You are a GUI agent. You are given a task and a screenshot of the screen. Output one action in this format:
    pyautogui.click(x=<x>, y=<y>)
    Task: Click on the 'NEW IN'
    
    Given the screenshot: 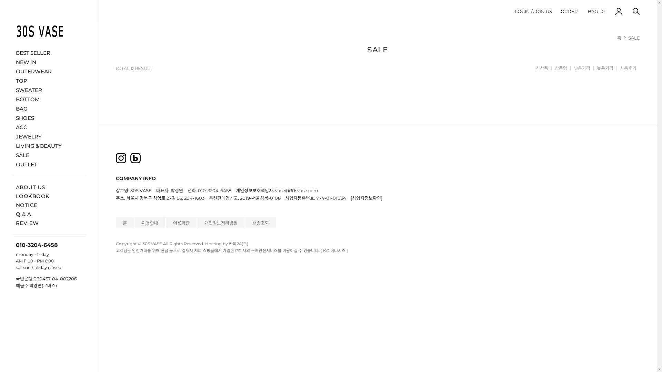 What is the action you would take?
    pyautogui.click(x=49, y=61)
    